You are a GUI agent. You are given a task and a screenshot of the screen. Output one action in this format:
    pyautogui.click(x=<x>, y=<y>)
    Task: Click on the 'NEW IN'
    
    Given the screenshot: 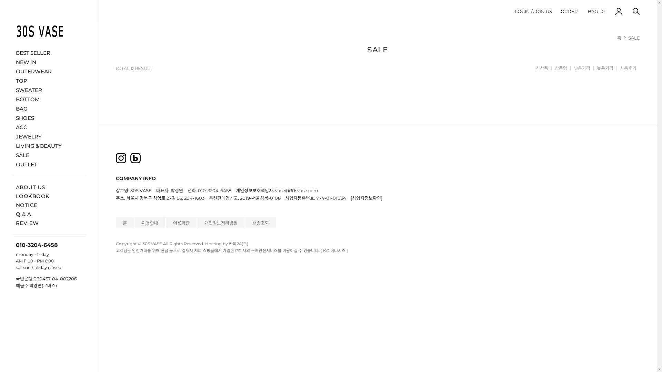 What is the action you would take?
    pyautogui.click(x=49, y=61)
    